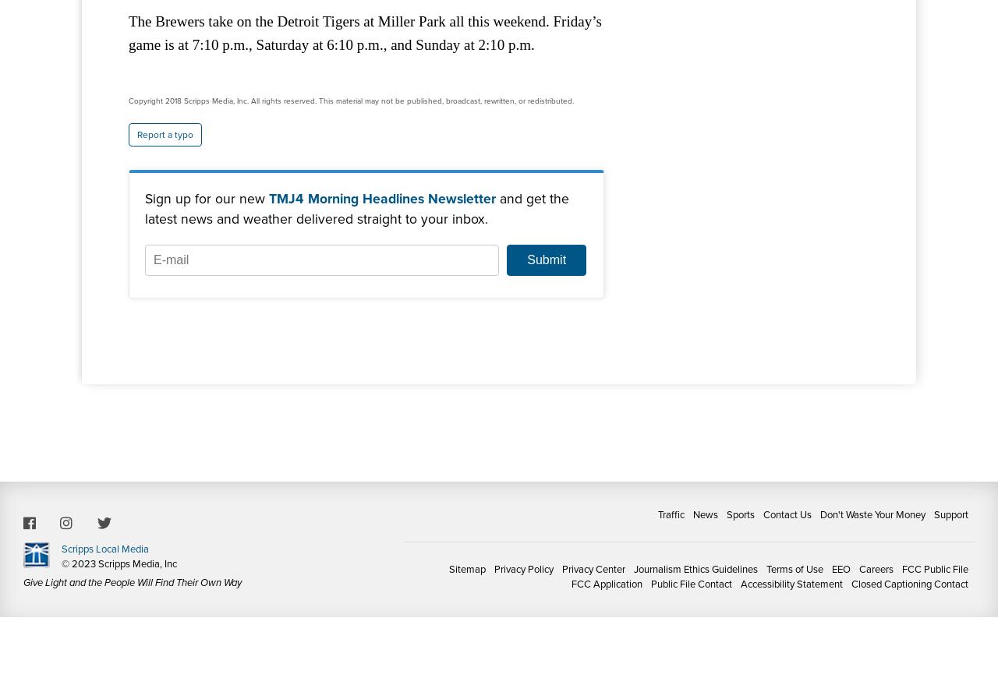  What do you see at coordinates (787, 513) in the screenshot?
I see `'Contact Us'` at bounding box center [787, 513].